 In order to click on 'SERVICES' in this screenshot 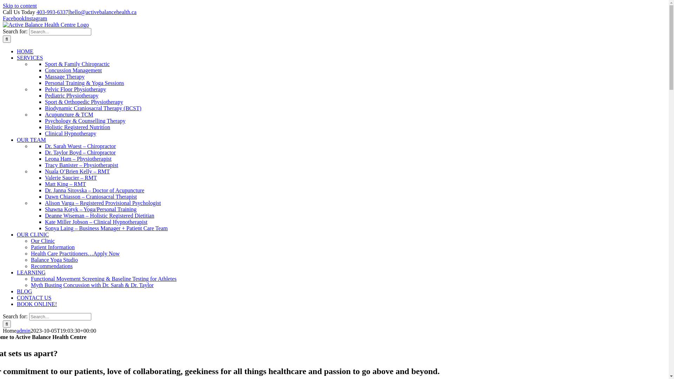, I will do `click(29, 57)`.